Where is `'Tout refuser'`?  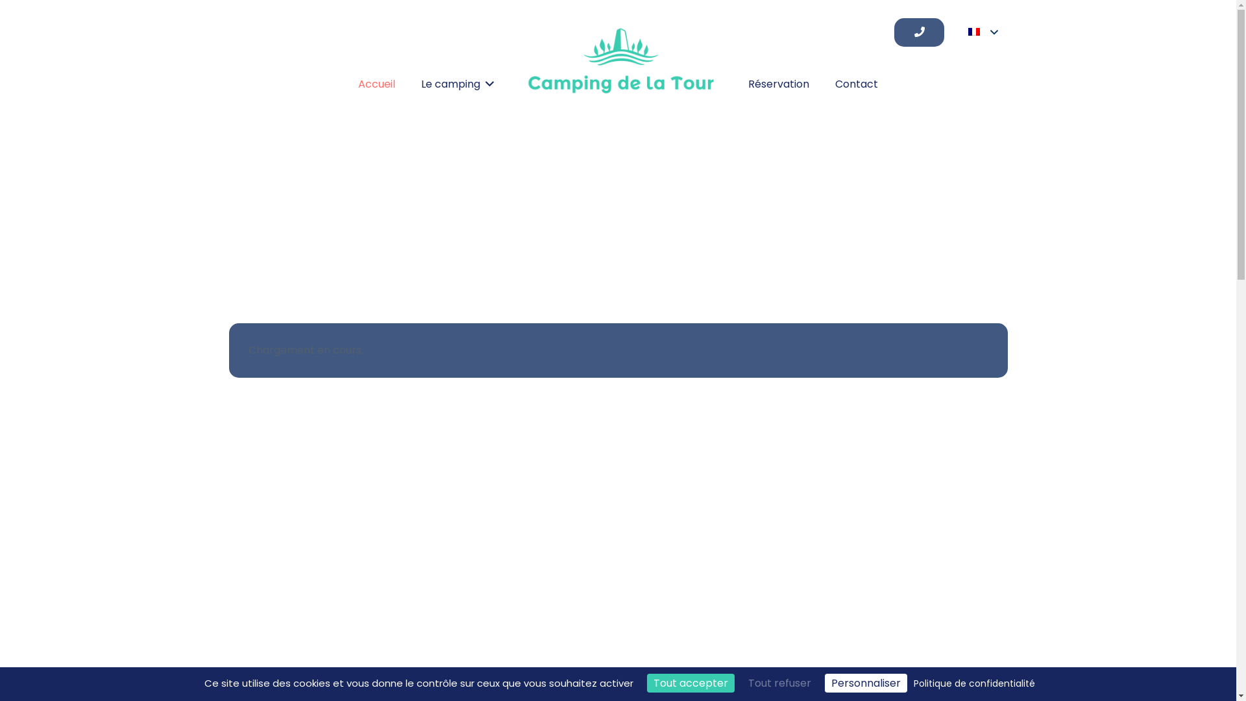
'Tout refuser' is located at coordinates (779, 682).